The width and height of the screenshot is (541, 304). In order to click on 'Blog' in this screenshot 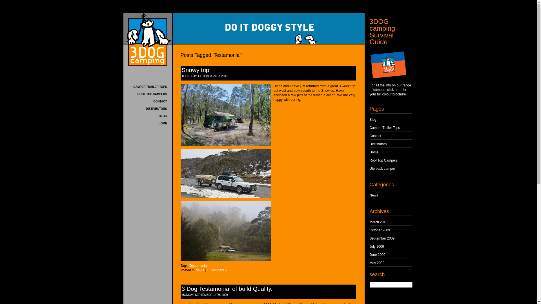, I will do `click(369, 119)`.